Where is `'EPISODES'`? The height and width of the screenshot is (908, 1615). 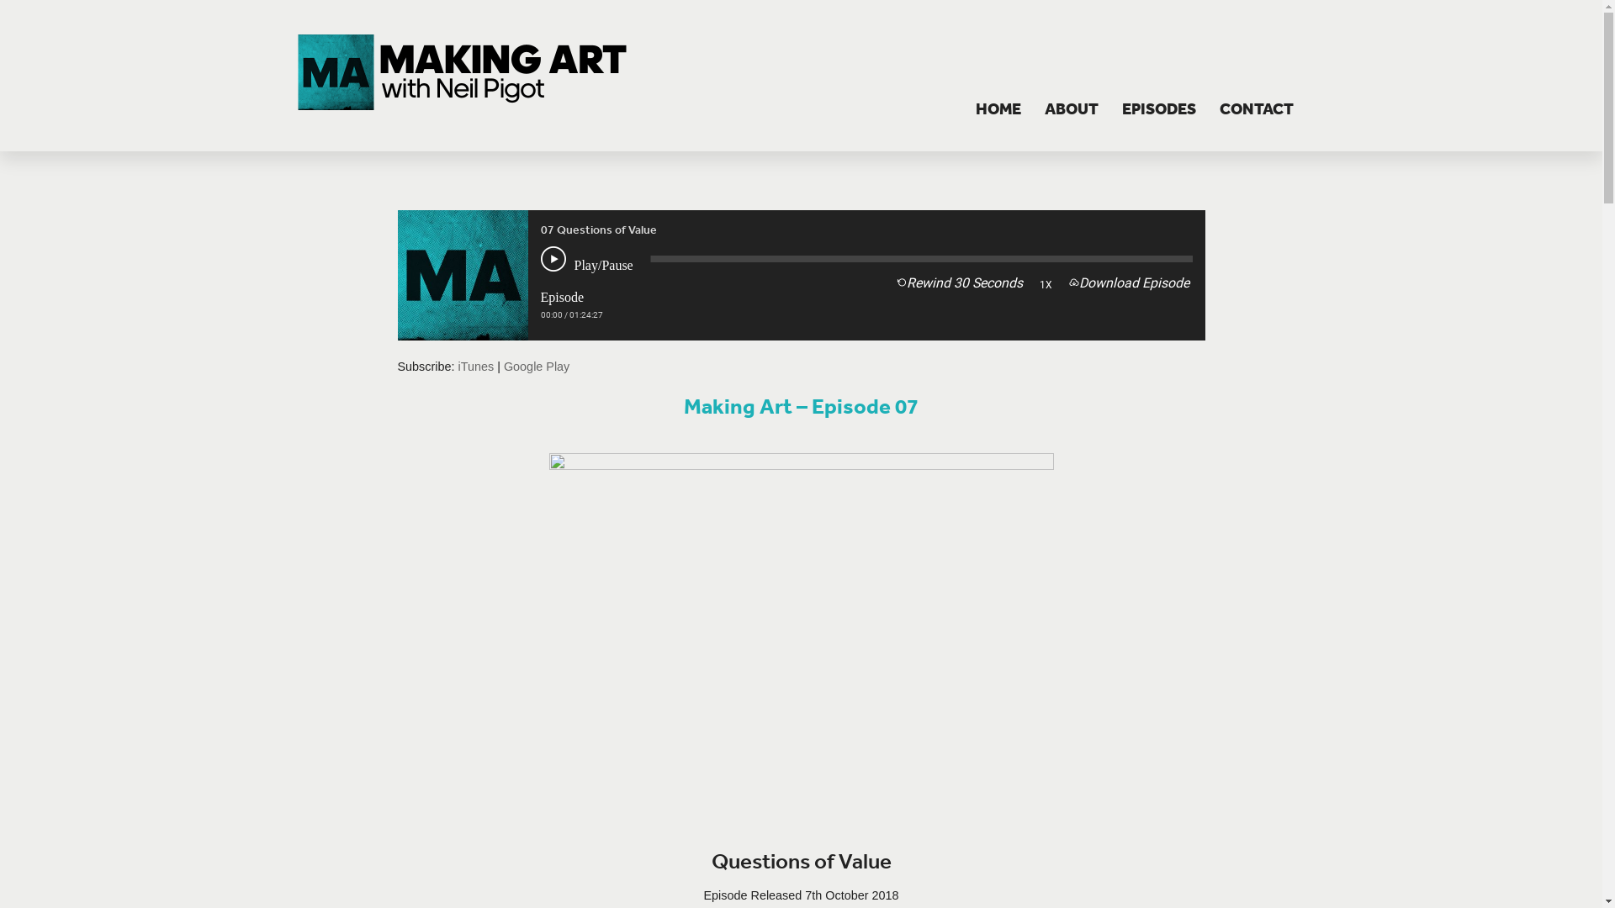
'EPISODES' is located at coordinates (1122, 108).